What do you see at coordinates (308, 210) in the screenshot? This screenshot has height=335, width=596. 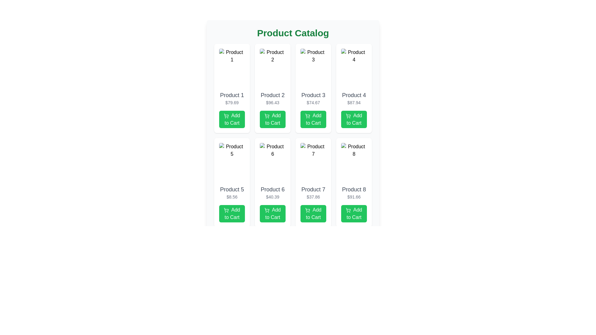 I see `the shopping cart icon located within the 'Add to Cart' button under 'Product 7' in the product listing grid` at bounding box center [308, 210].